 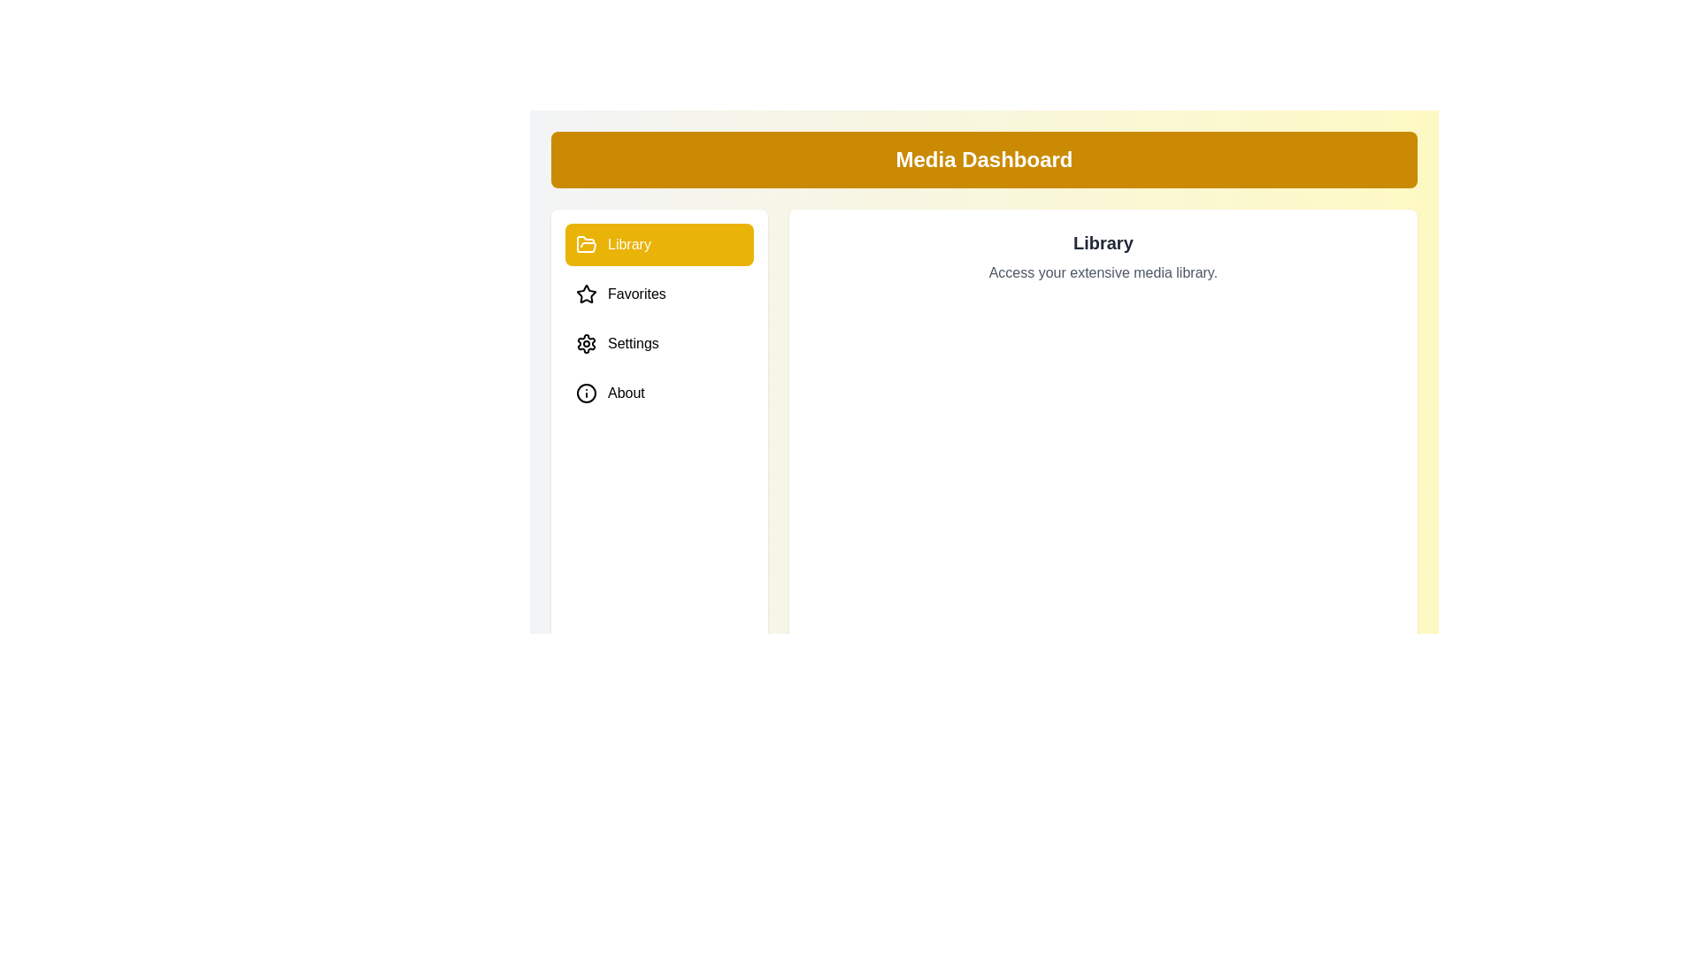 I want to click on the About tab to preview its hover effect, so click(x=658, y=392).